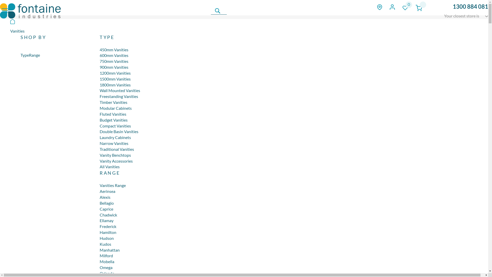  Describe the element at coordinates (470, 6) in the screenshot. I see `'1300 884 081'` at that location.